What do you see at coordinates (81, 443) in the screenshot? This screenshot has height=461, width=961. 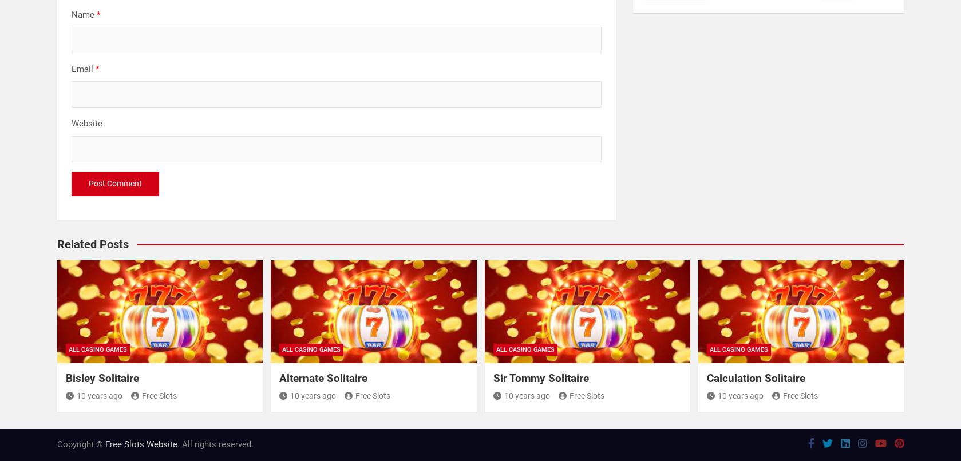 I see `'Copyright ©'` at bounding box center [81, 443].